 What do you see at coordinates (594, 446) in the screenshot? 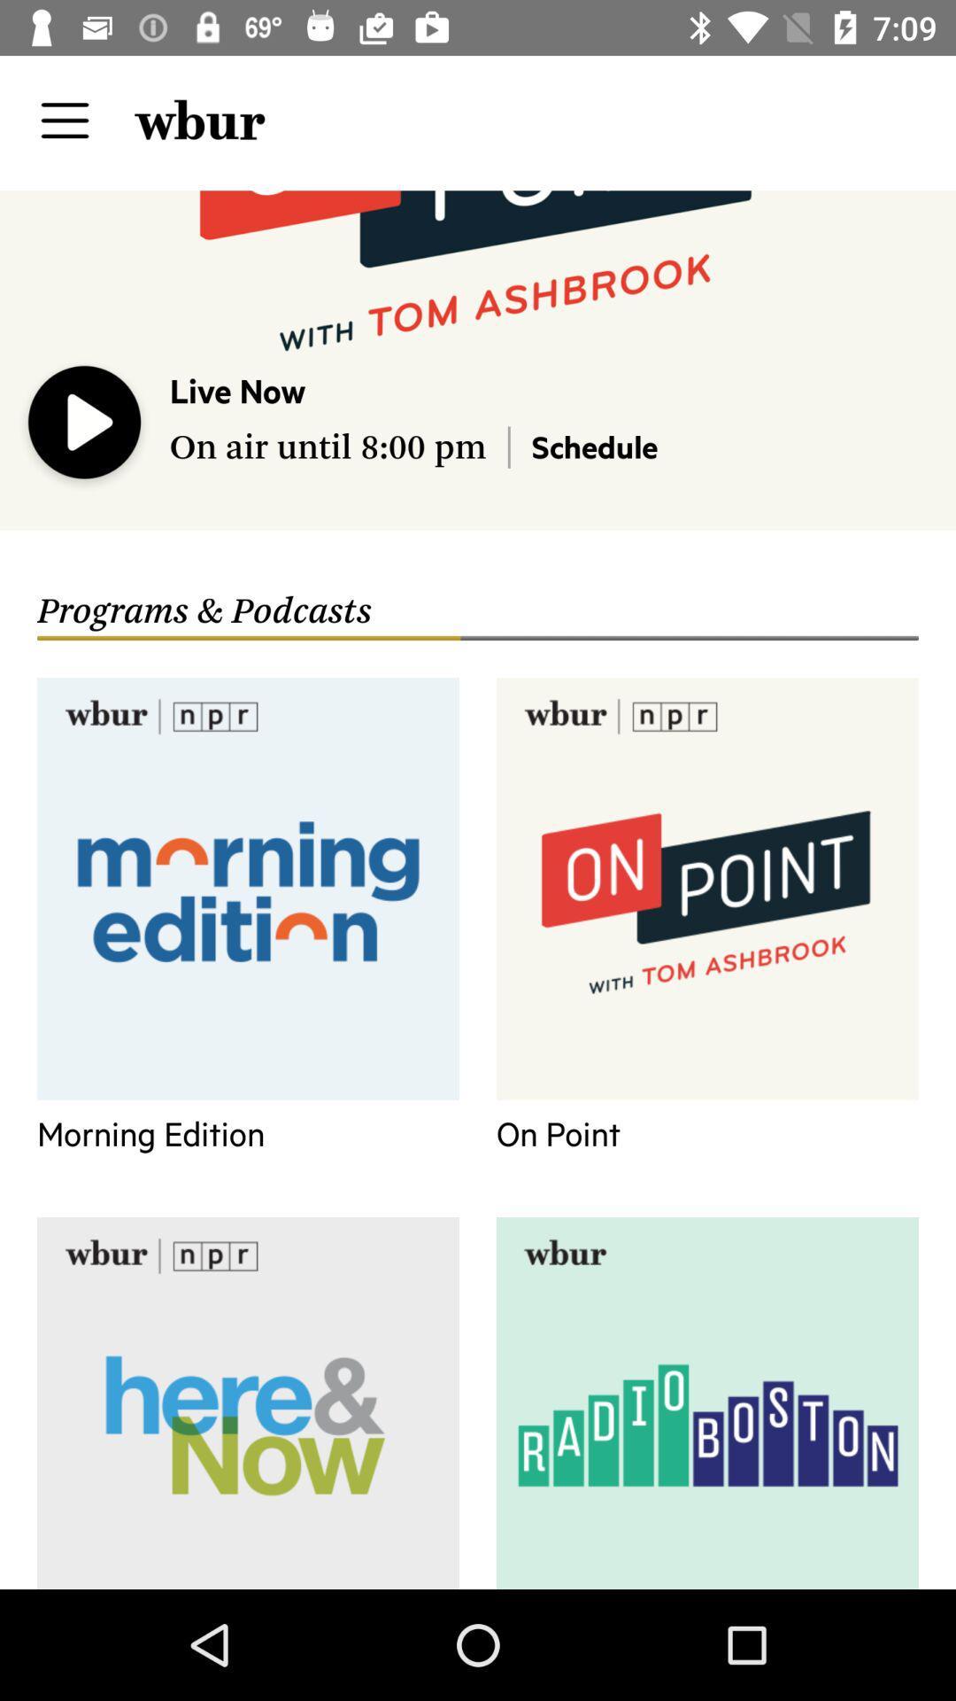
I see `schedule` at bounding box center [594, 446].